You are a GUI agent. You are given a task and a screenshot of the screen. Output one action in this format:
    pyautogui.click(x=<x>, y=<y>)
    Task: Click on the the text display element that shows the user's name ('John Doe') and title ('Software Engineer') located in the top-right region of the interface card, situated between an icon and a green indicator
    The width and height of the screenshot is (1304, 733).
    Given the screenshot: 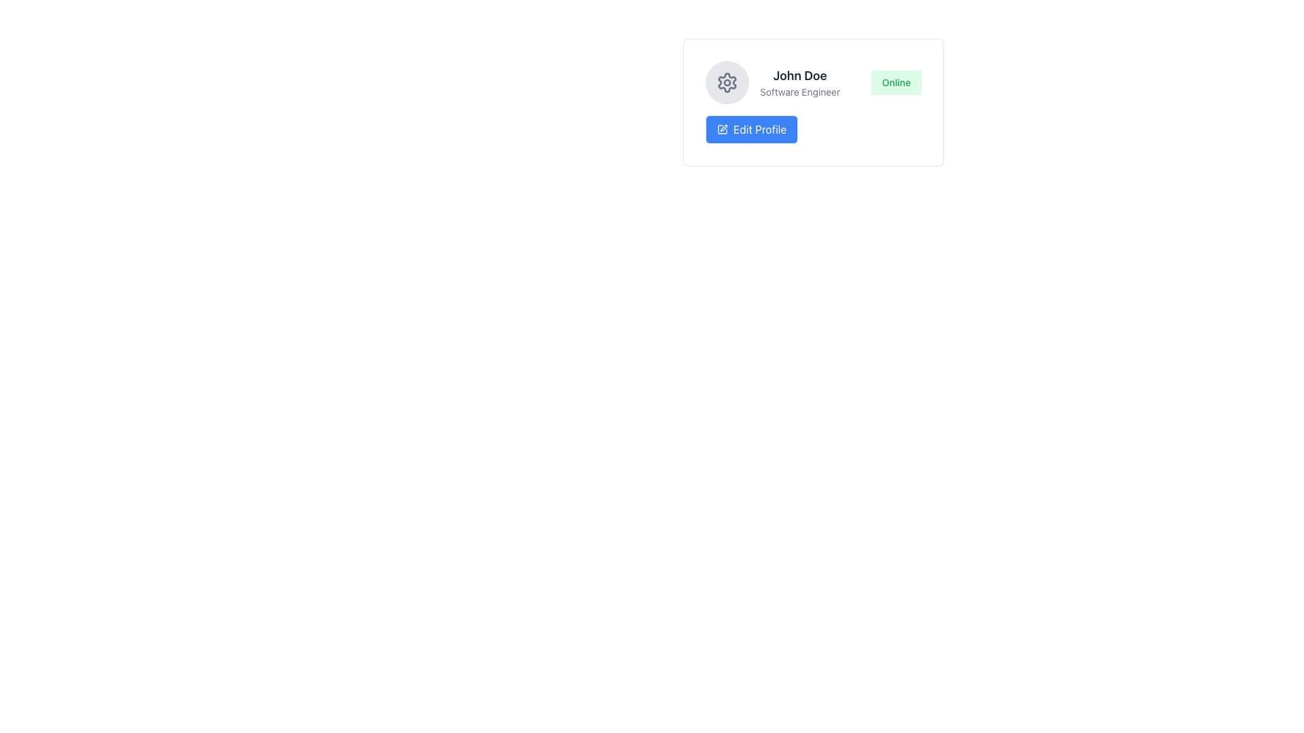 What is the action you would take?
    pyautogui.click(x=799, y=83)
    